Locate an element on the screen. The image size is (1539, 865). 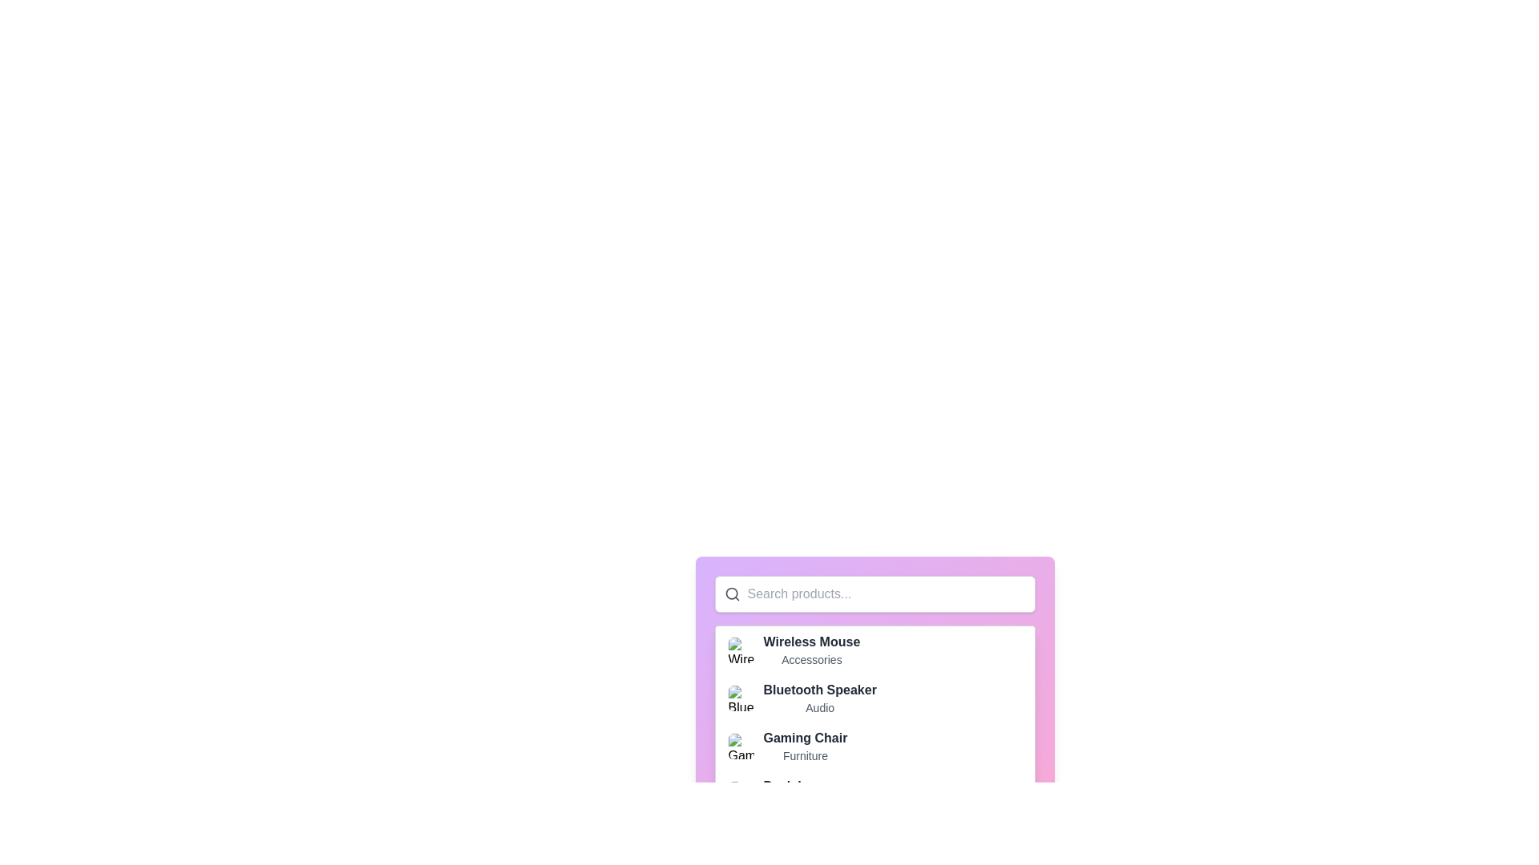
the first list item titled 'Wireless Mouse' in the dropdown menu is located at coordinates (874, 650).